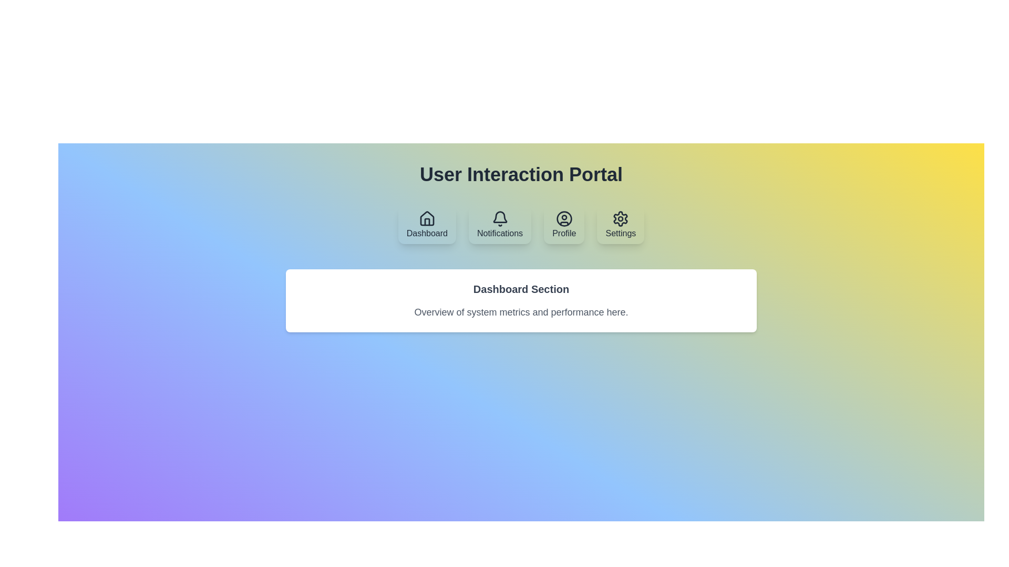 The height and width of the screenshot is (567, 1009). What do you see at coordinates (499, 224) in the screenshot?
I see `the tab labeled Notifications to display its content` at bounding box center [499, 224].